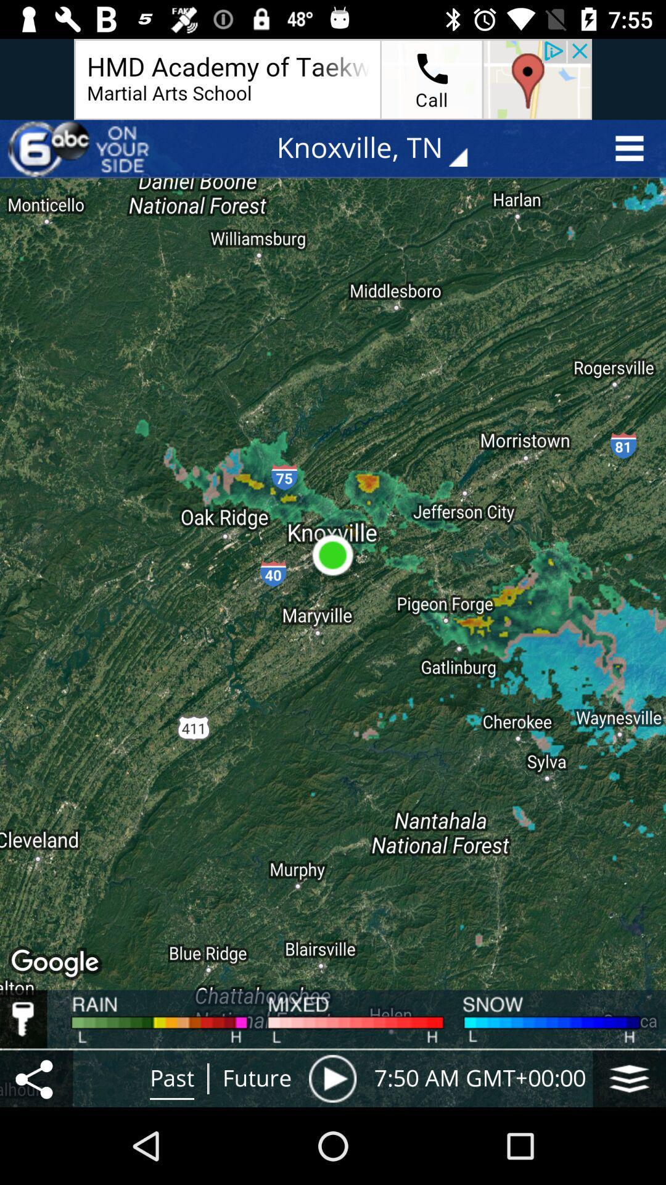 This screenshot has height=1185, width=666. Describe the element at coordinates (36, 1078) in the screenshot. I see `icon next to past` at that location.